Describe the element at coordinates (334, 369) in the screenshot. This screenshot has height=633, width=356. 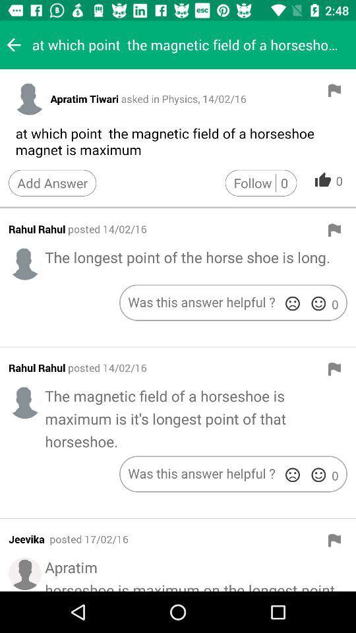
I see `flag commentary` at that location.